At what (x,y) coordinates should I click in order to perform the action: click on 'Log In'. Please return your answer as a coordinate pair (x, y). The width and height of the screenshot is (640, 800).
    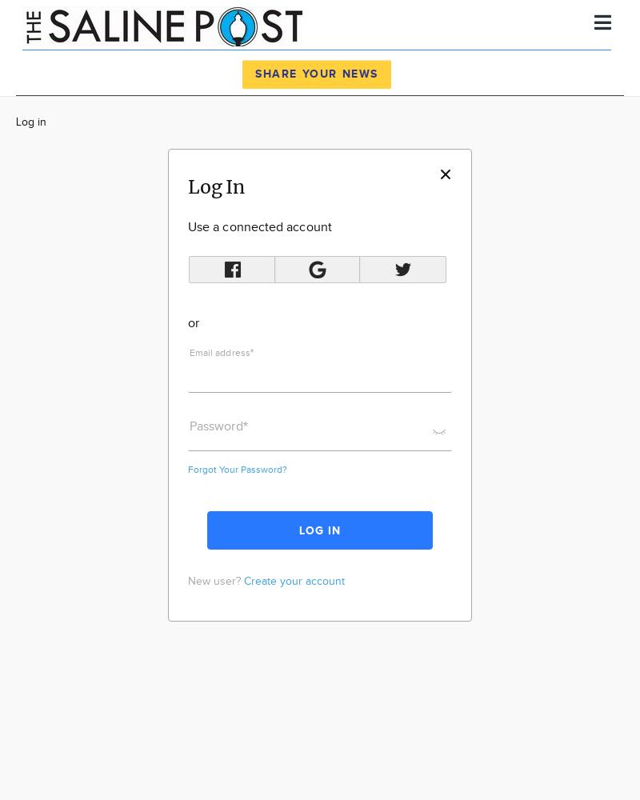
    Looking at the image, I should click on (216, 186).